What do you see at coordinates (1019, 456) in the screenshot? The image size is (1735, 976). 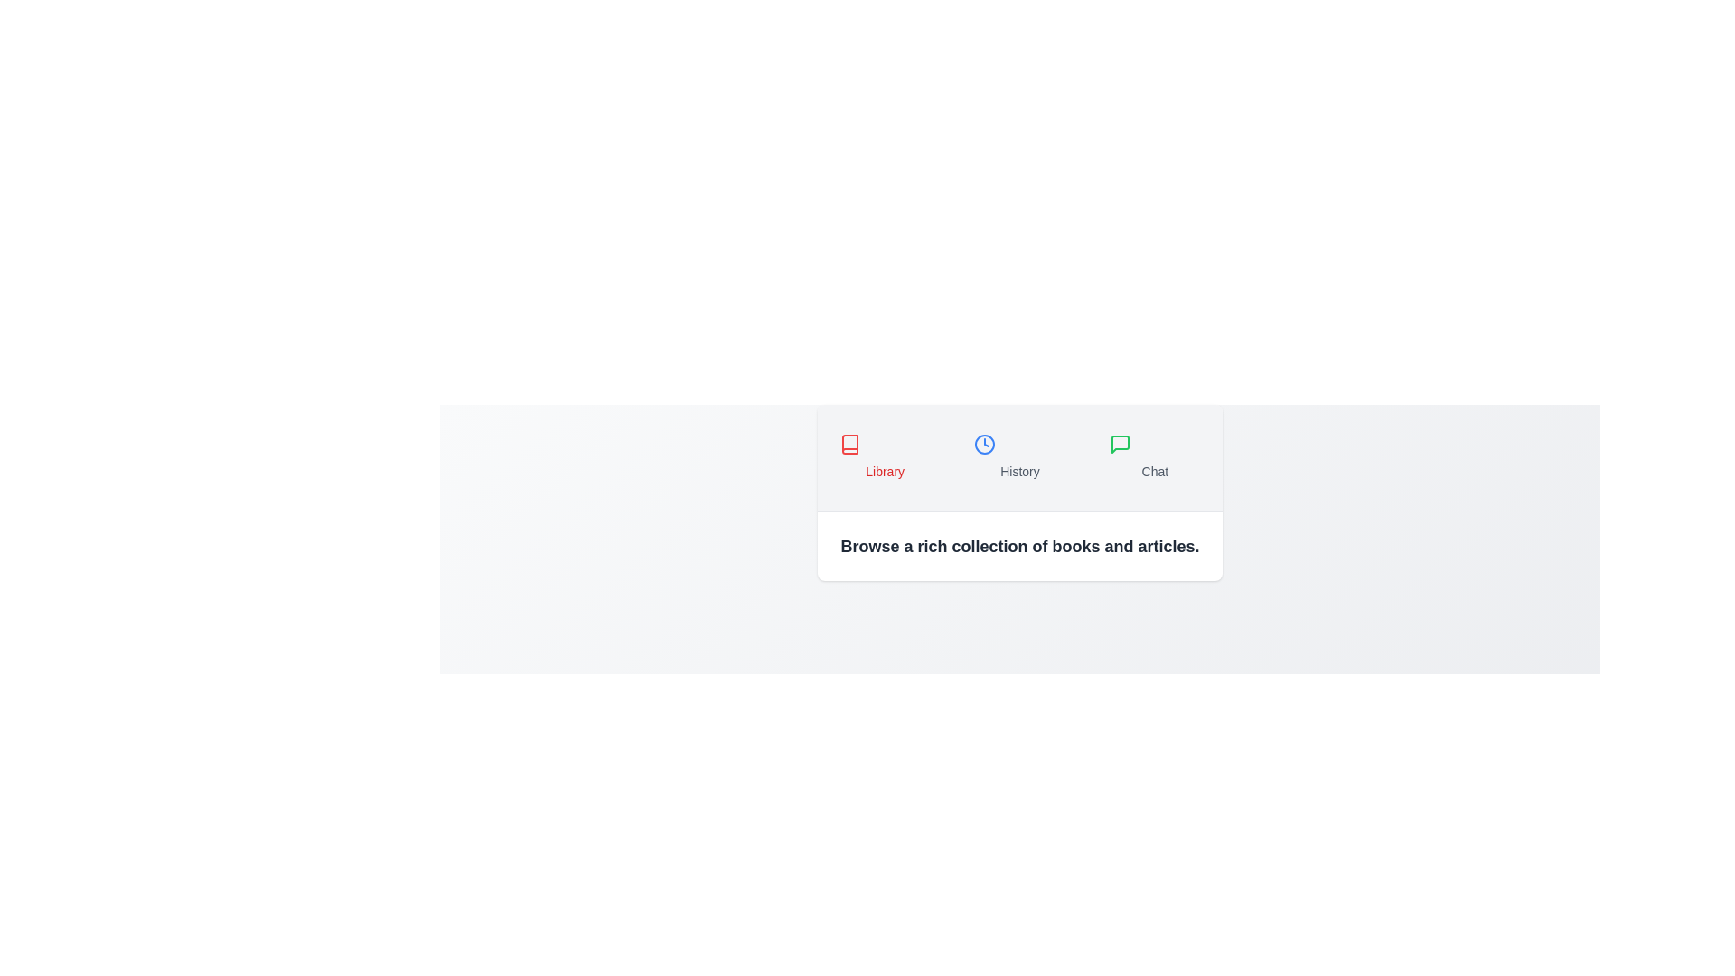 I see `the History tab to view its content` at bounding box center [1019, 456].